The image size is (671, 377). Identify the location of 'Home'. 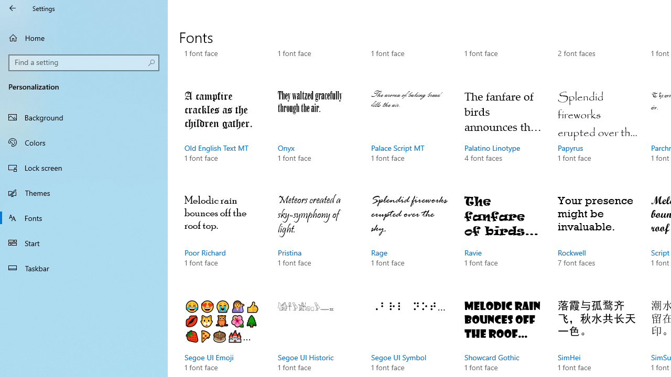
(84, 37).